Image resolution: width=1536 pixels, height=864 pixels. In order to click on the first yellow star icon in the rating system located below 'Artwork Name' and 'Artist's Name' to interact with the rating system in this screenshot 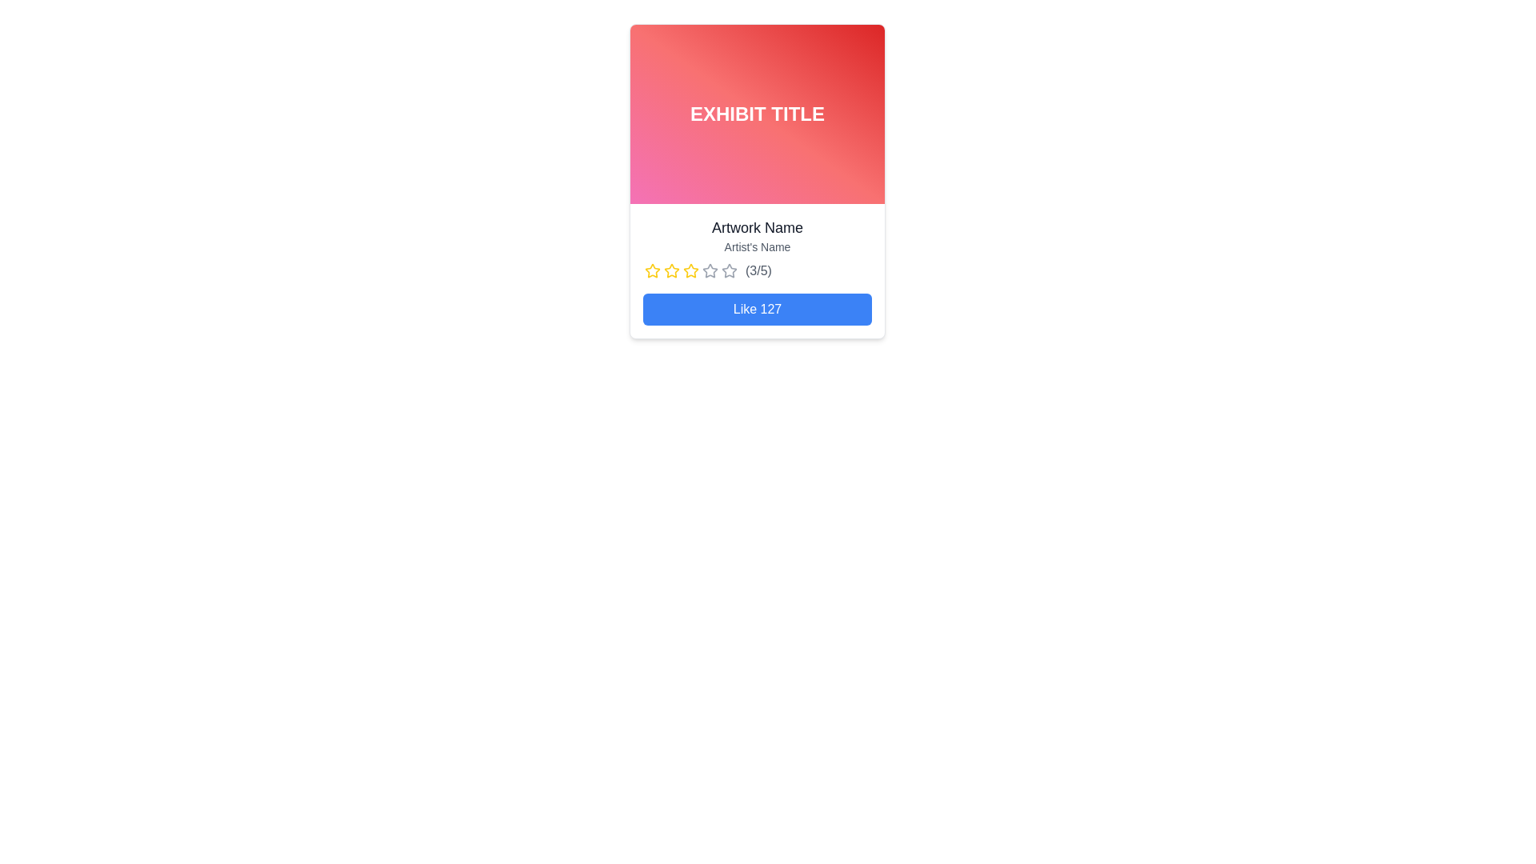, I will do `click(653, 270)`.